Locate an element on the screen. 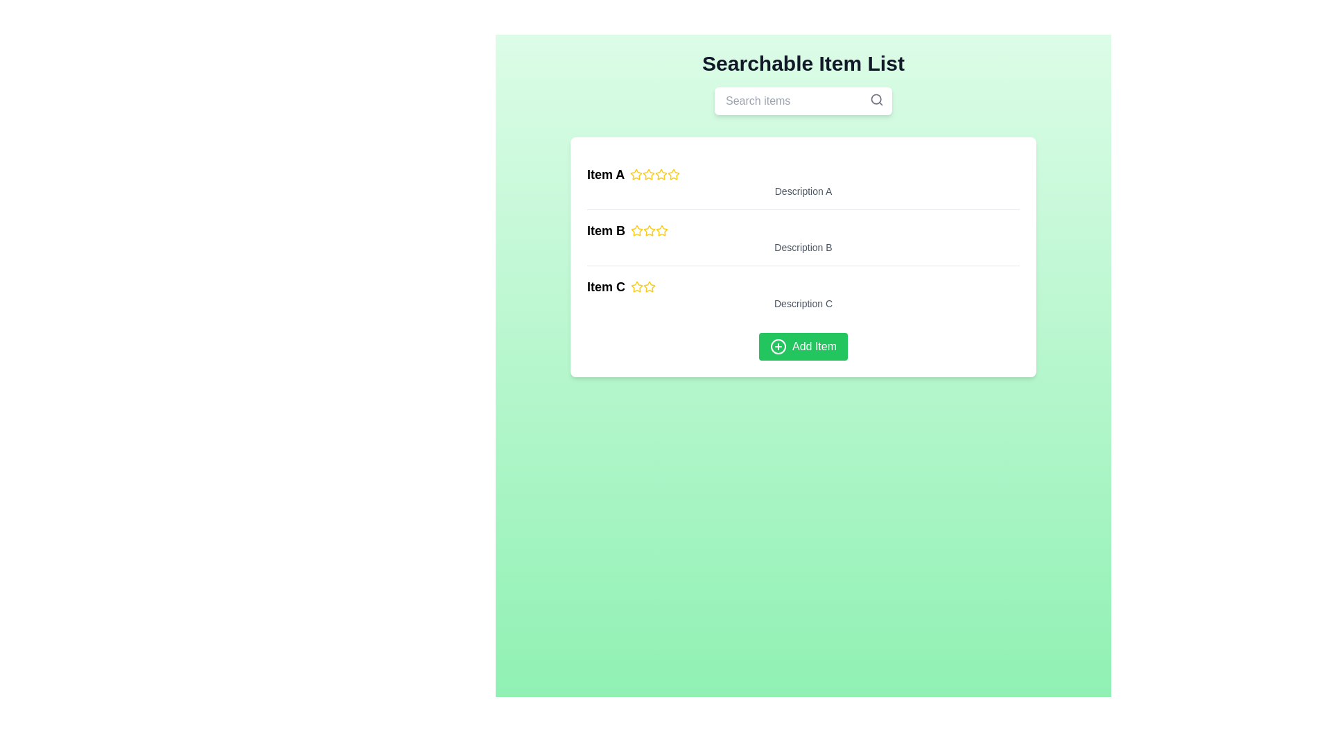  the static text label displaying 'Description C', which is styled in a small gray font and positioned below 'Item C' and the rating stars is located at coordinates (803, 303).